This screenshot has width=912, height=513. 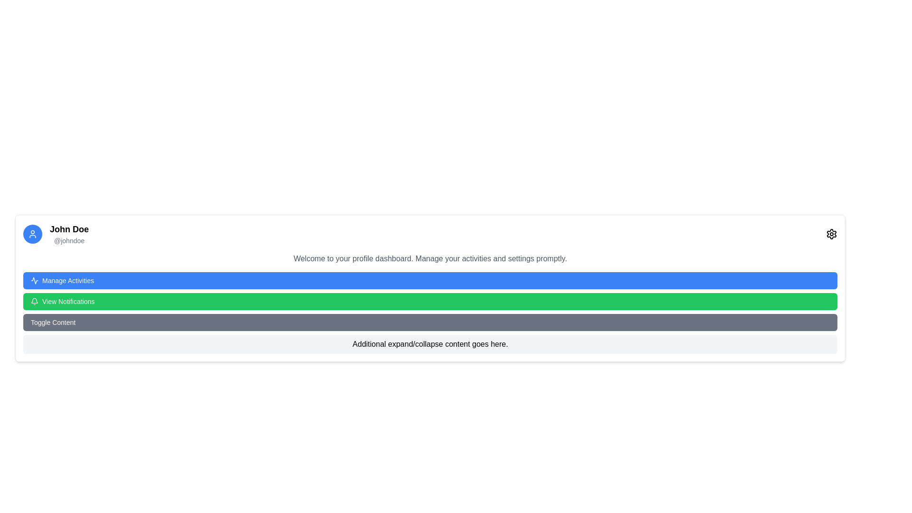 What do you see at coordinates (34, 280) in the screenshot?
I see `the graphical icon embedded within the 'Manage Activities' button, which represents 'activity' or 'operation' in the user interface` at bounding box center [34, 280].